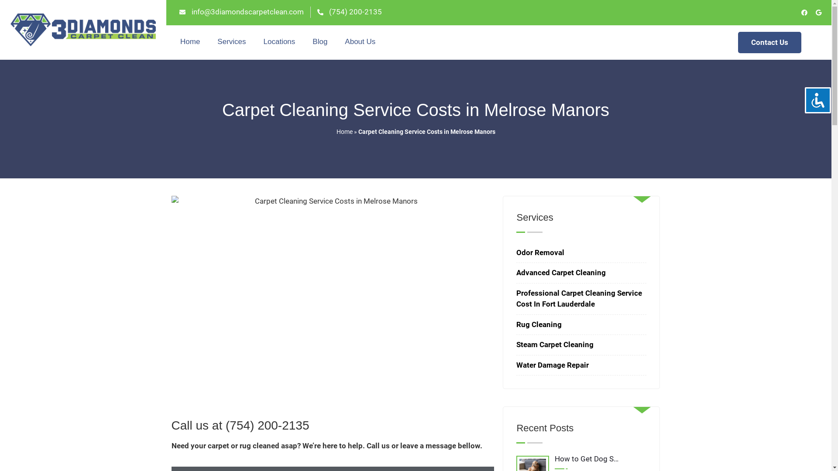 The width and height of the screenshot is (838, 471). Describe the element at coordinates (240, 425) in the screenshot. I see `'Call us at (754) 200-2135'` at that location.